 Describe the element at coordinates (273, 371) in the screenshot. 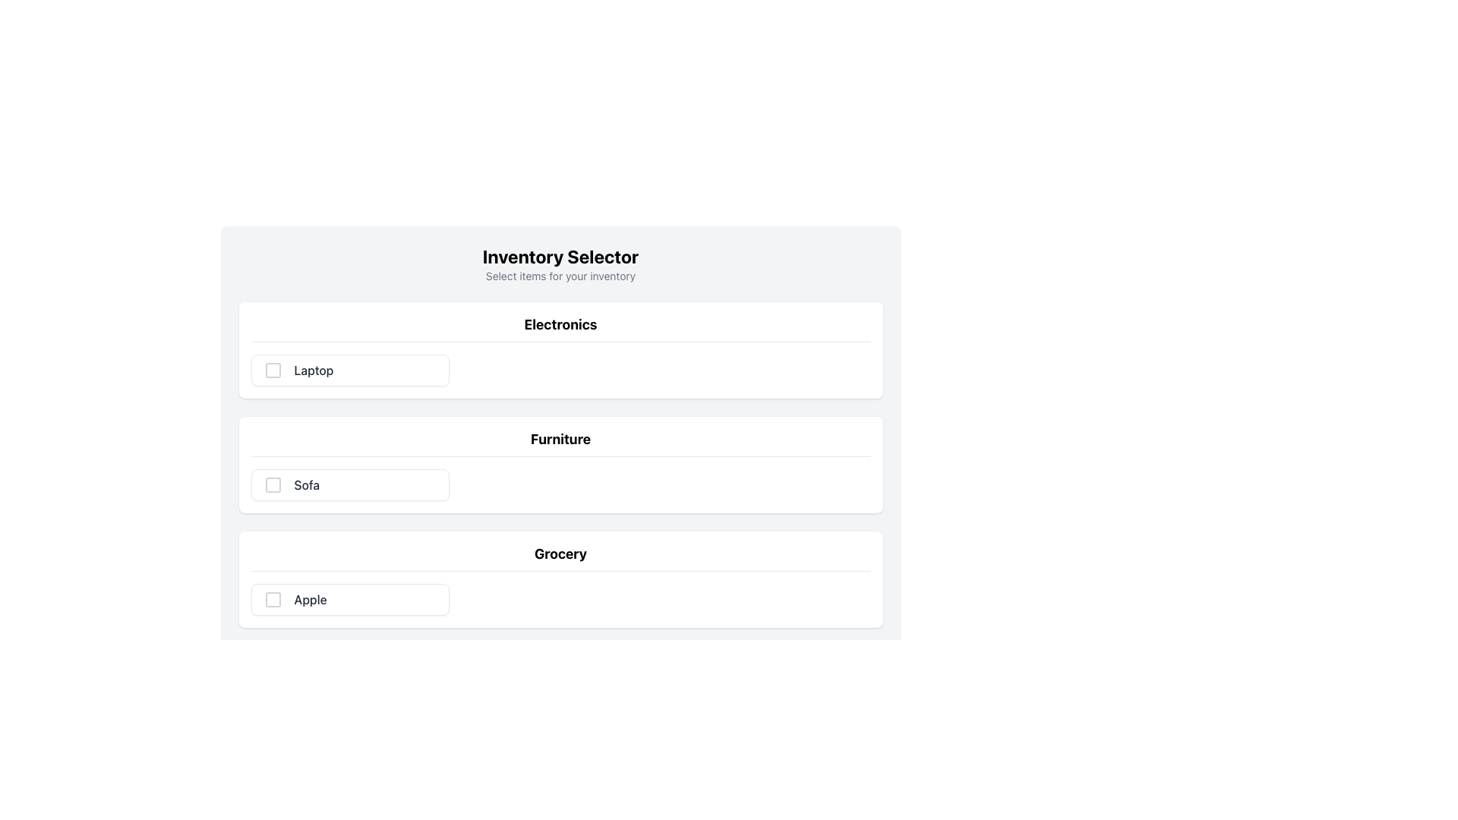

I see `the clickable checkbox indicator located next to the text label 'Laptop' in the 'Electronics' section` at that location.